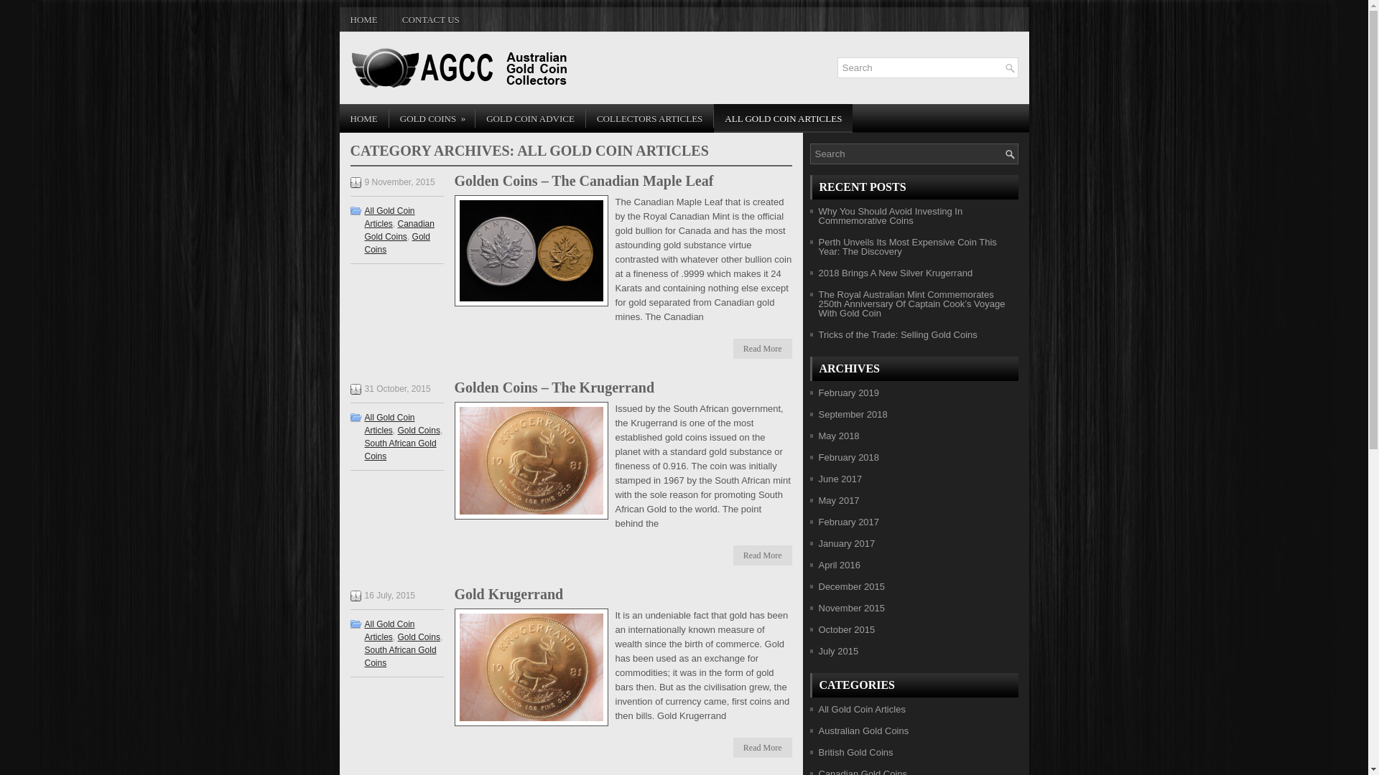 The height and width of the screenshot is (775, 1379). What do you see at coordinates (852, 586) in the screenshot?
I see `'December 2015'` at bounding box center [852, 586].